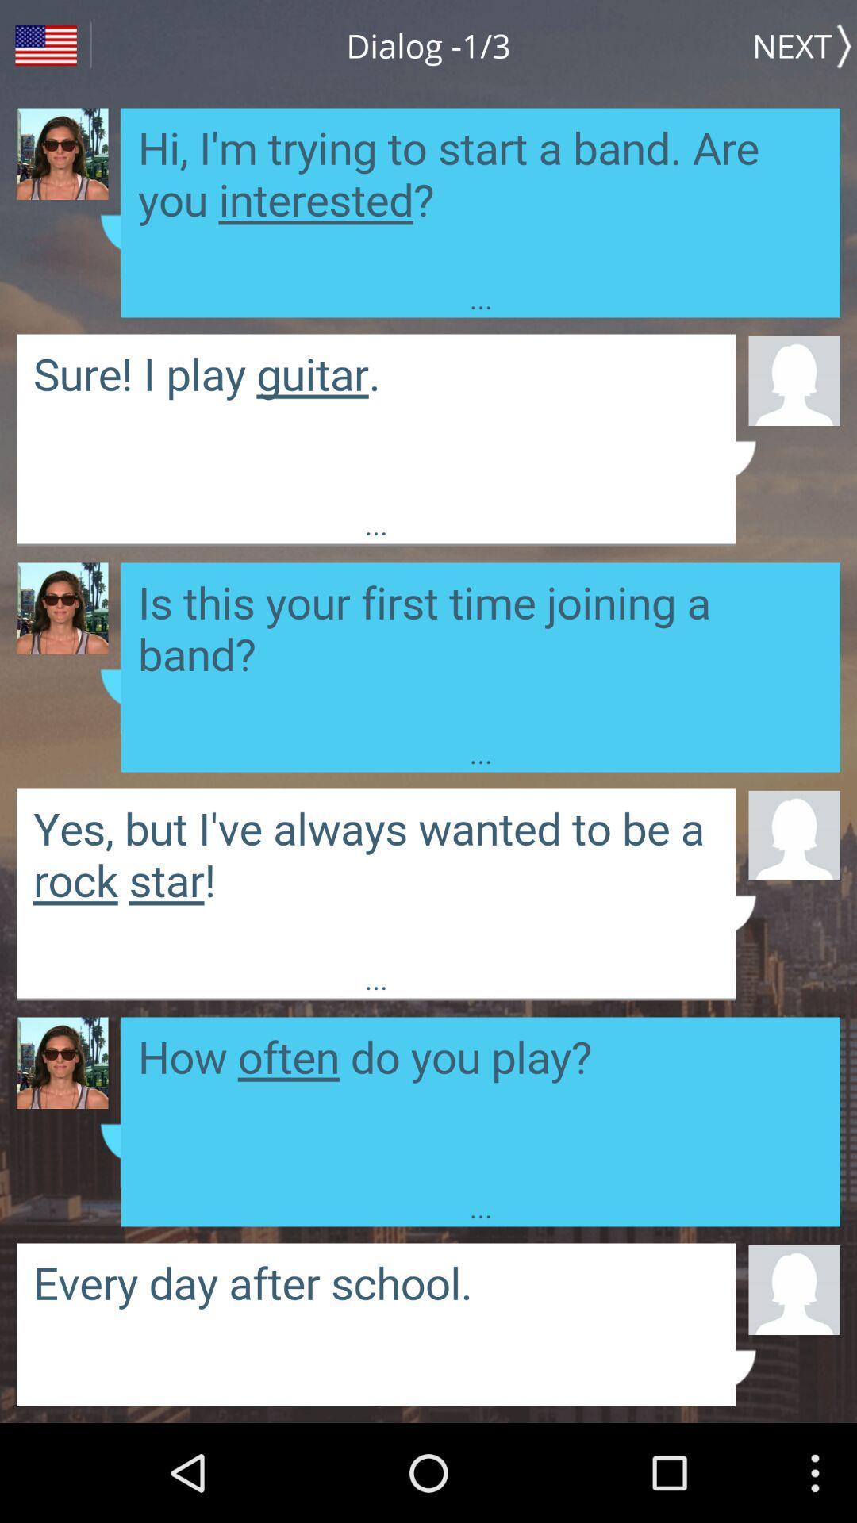  What do you see at coordinates (44, 45) in the screenshot?
I see `country` at bounding box center [44, 45].